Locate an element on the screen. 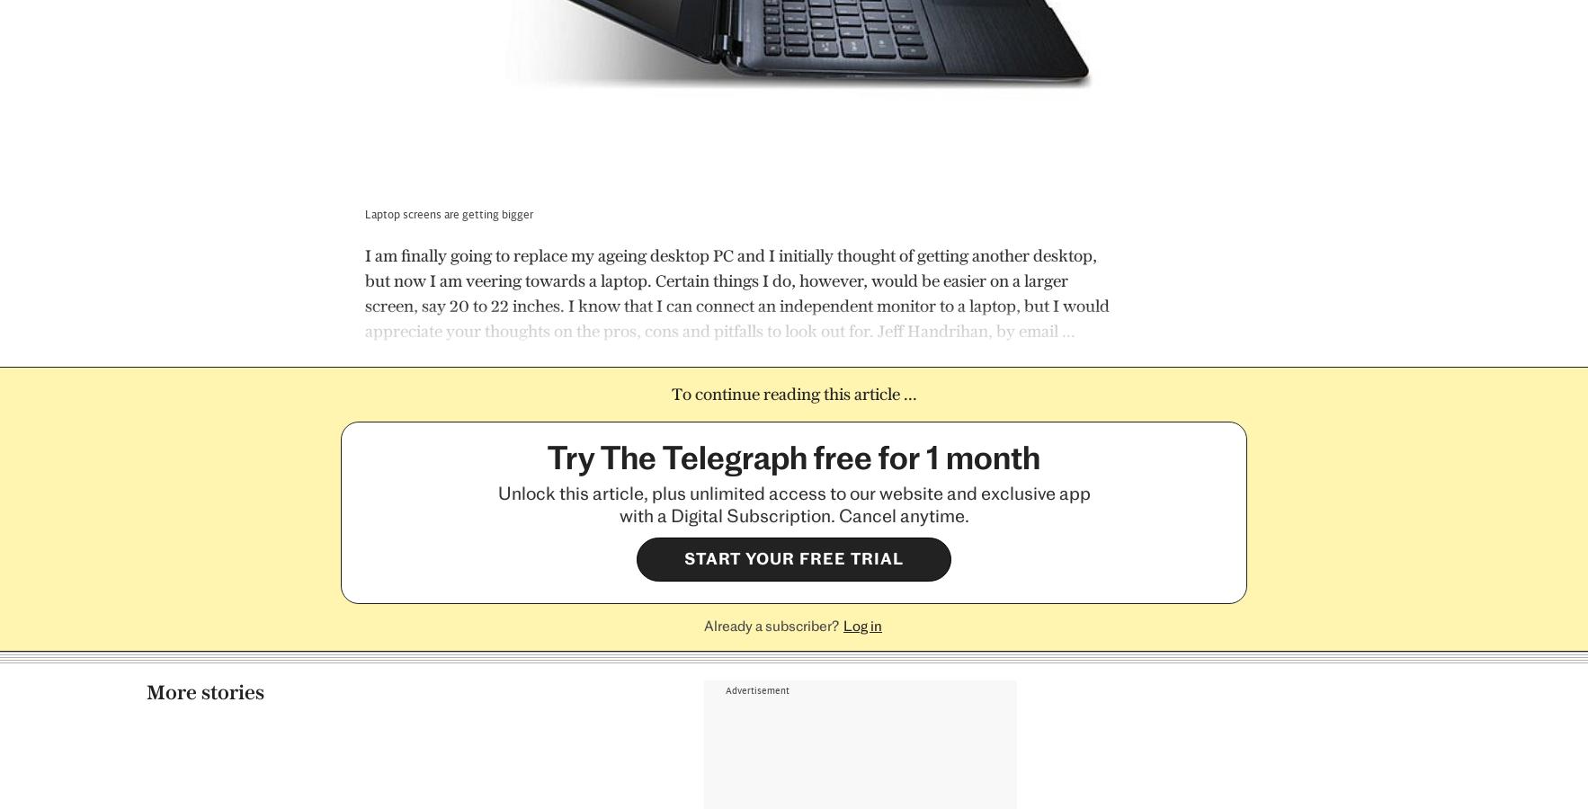 This screenshot has width=1588, height=809. 'More from The Telegraph' is located at coordinates (242, 386).